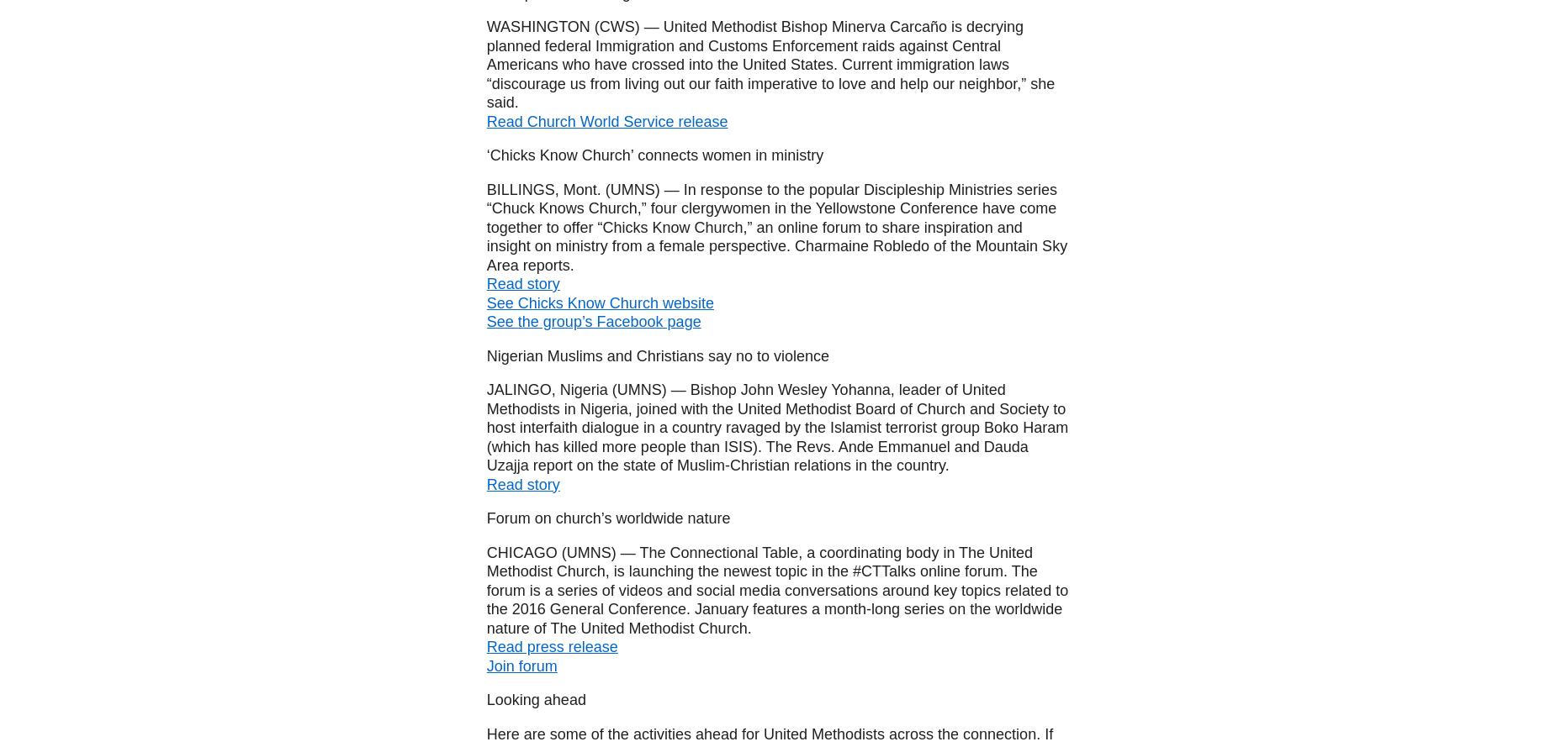  What do you see at coordinates (593, 321) in the screenshot?
I see `'See the group’s Facebook page'` at bounding box center [593, 321].